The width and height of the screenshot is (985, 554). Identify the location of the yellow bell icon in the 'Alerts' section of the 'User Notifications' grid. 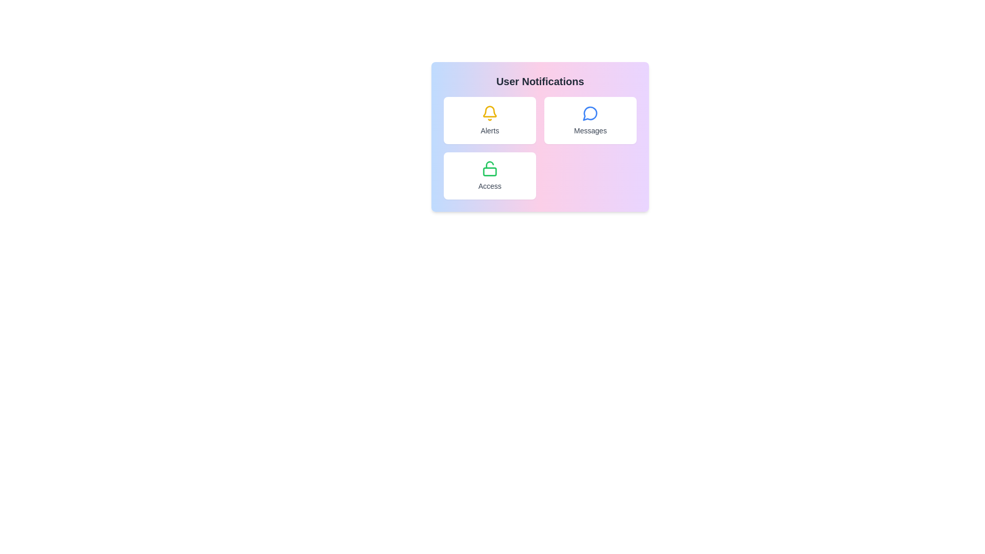
(489, 113).